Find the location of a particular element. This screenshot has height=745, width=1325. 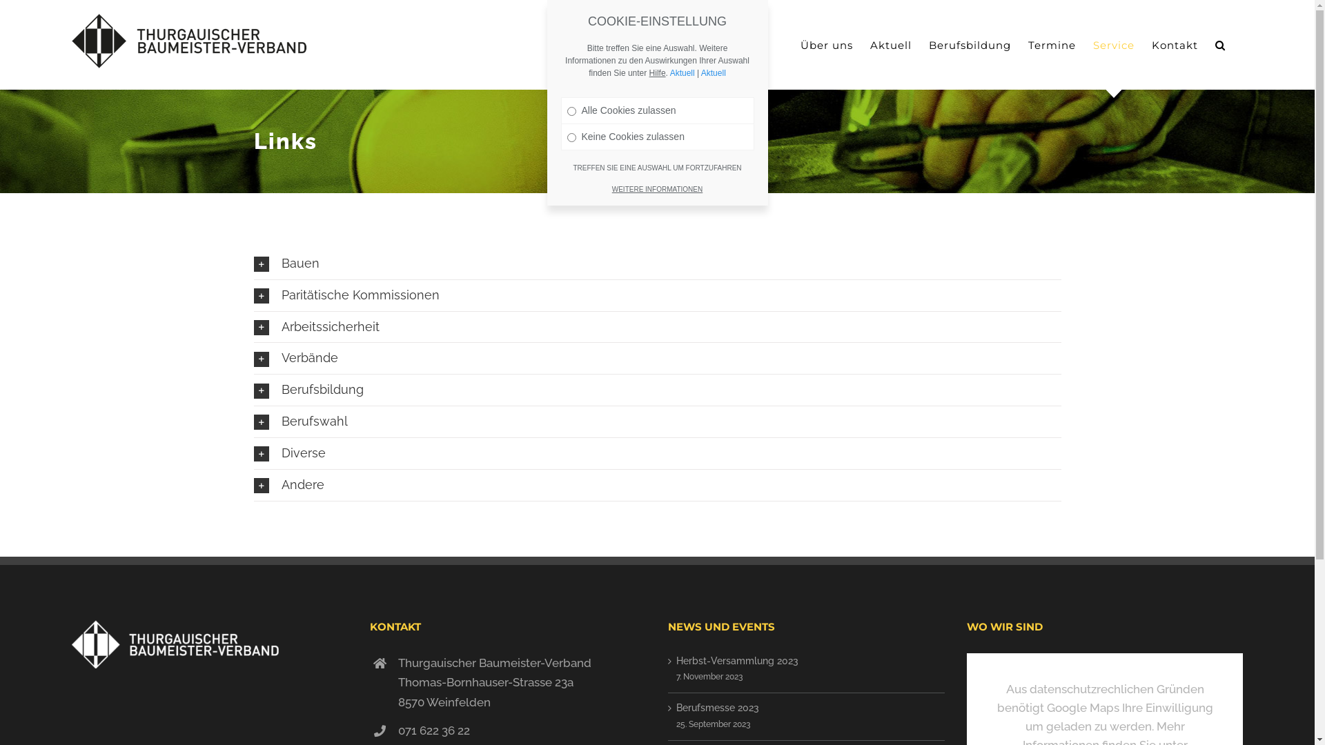

'Termine' is located at coordinates (1028, 44).